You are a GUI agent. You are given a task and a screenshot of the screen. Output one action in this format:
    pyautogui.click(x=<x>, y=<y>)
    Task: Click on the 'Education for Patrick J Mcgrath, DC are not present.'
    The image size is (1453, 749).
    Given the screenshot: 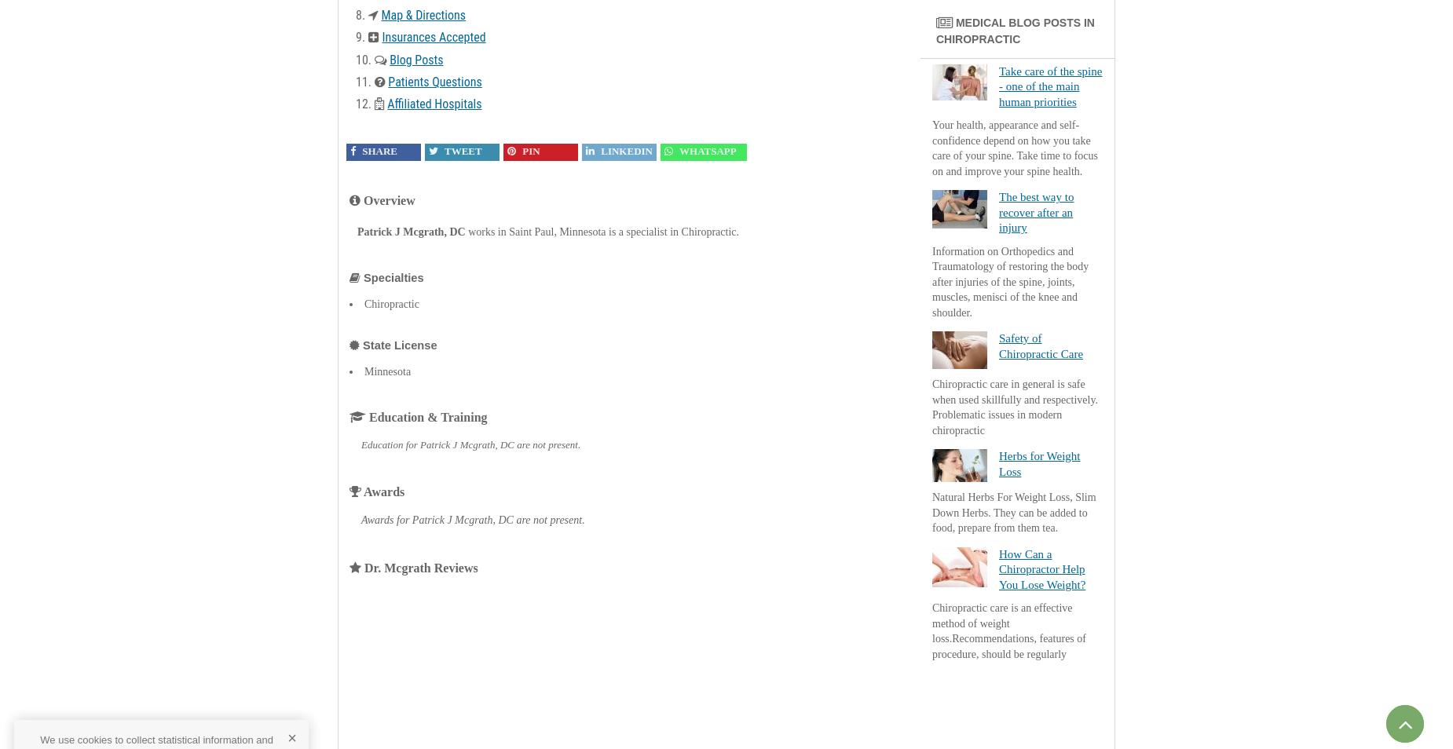 What is the action you would take?
    pyautogui.click(x=470, y=444)
    